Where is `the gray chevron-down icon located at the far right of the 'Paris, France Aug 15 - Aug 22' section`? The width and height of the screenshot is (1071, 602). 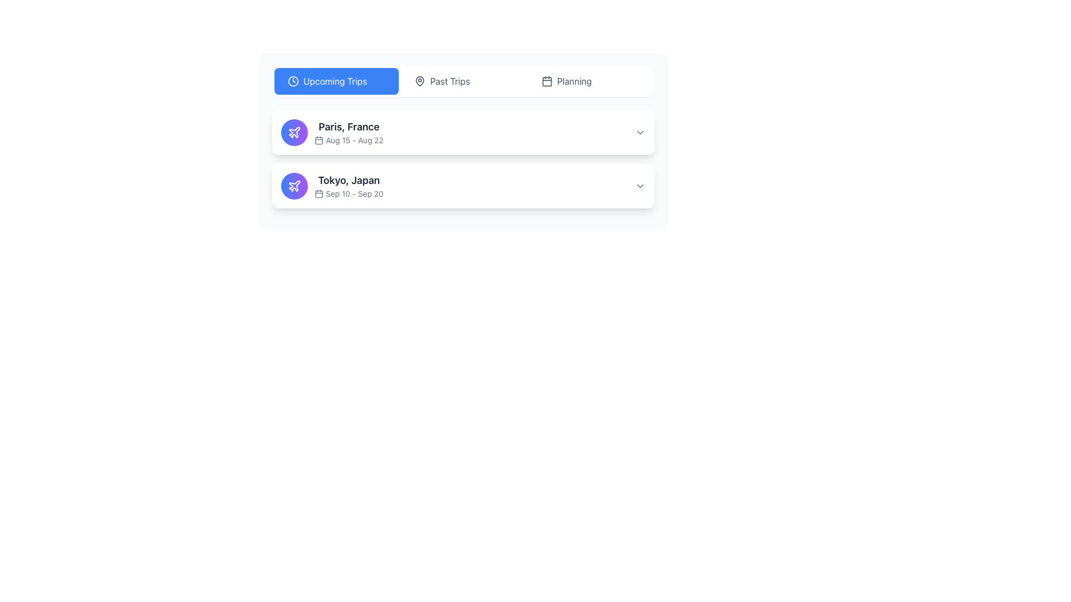 the gray chevron-down icon located at the far right of the 'Paris, France Aug 15 - Aug 22' section is located at coordinates (640, 132).